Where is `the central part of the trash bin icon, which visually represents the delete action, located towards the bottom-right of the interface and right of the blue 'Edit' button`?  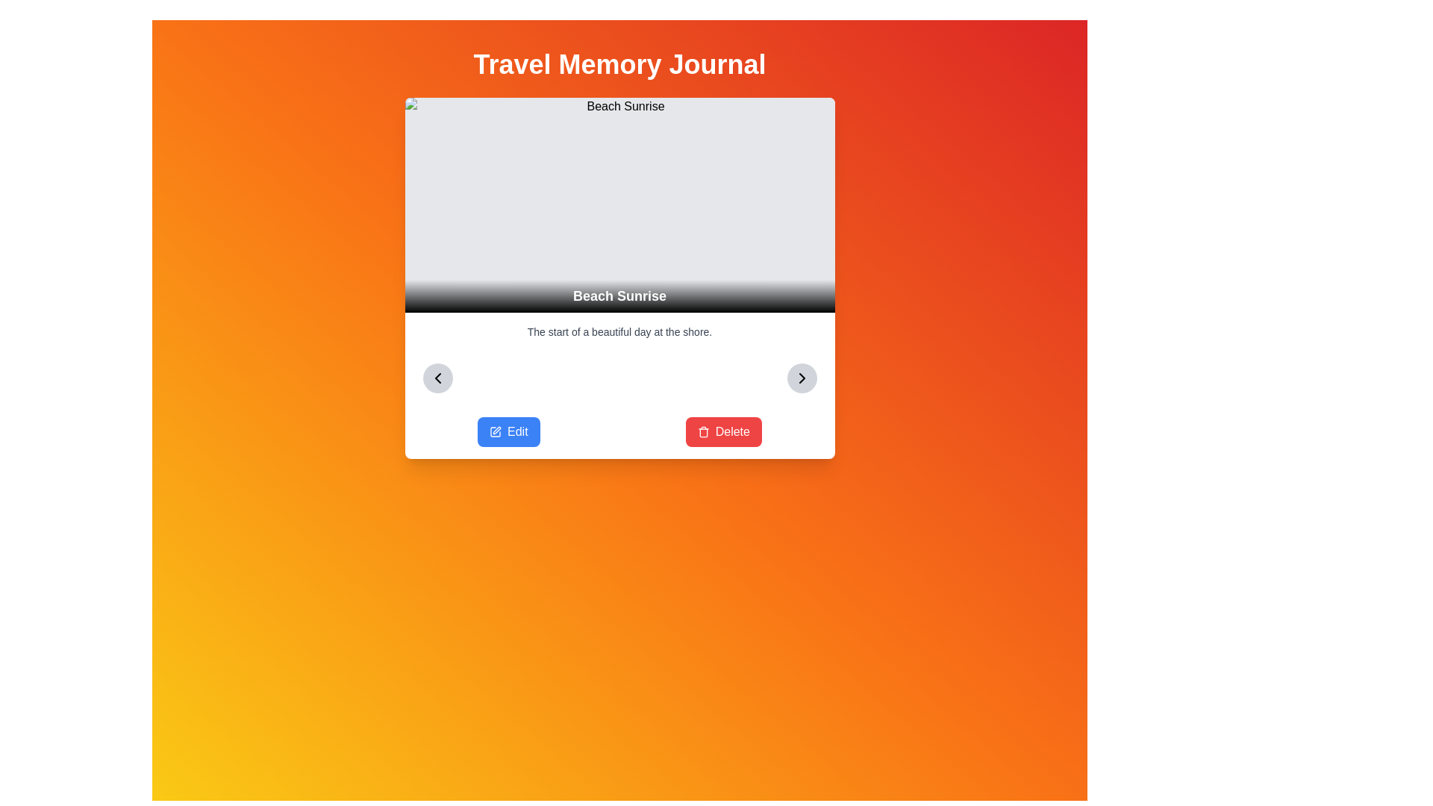
the central part of the trash bin icon, which visually represents the delete action, located towards the bottom-right of the interface and right of the blue 'Edit' button is located at coordinates (702, 433).